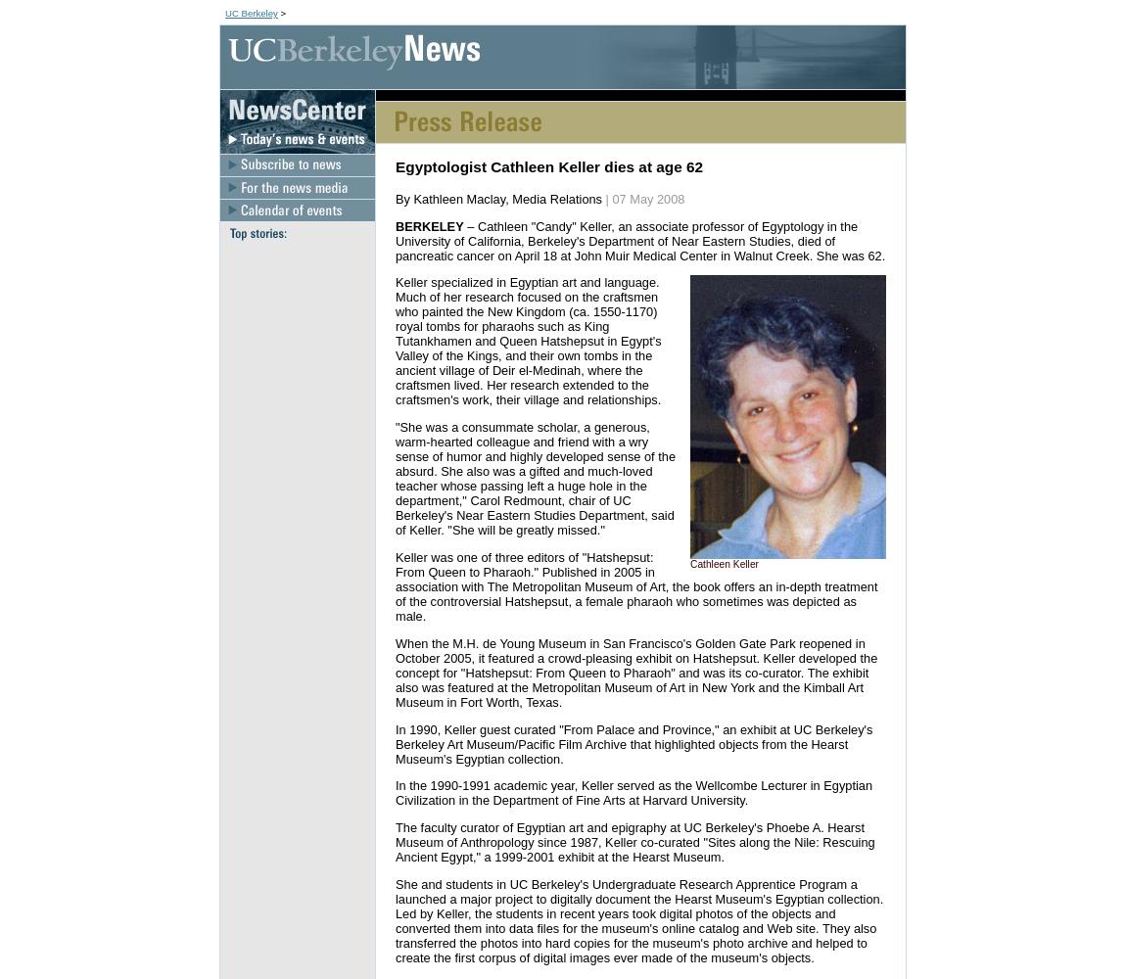  What do you see at coordinates (723, 563) in the screenshot?
I see `'Cathleen Keller'` at bounding box center [723, 563].